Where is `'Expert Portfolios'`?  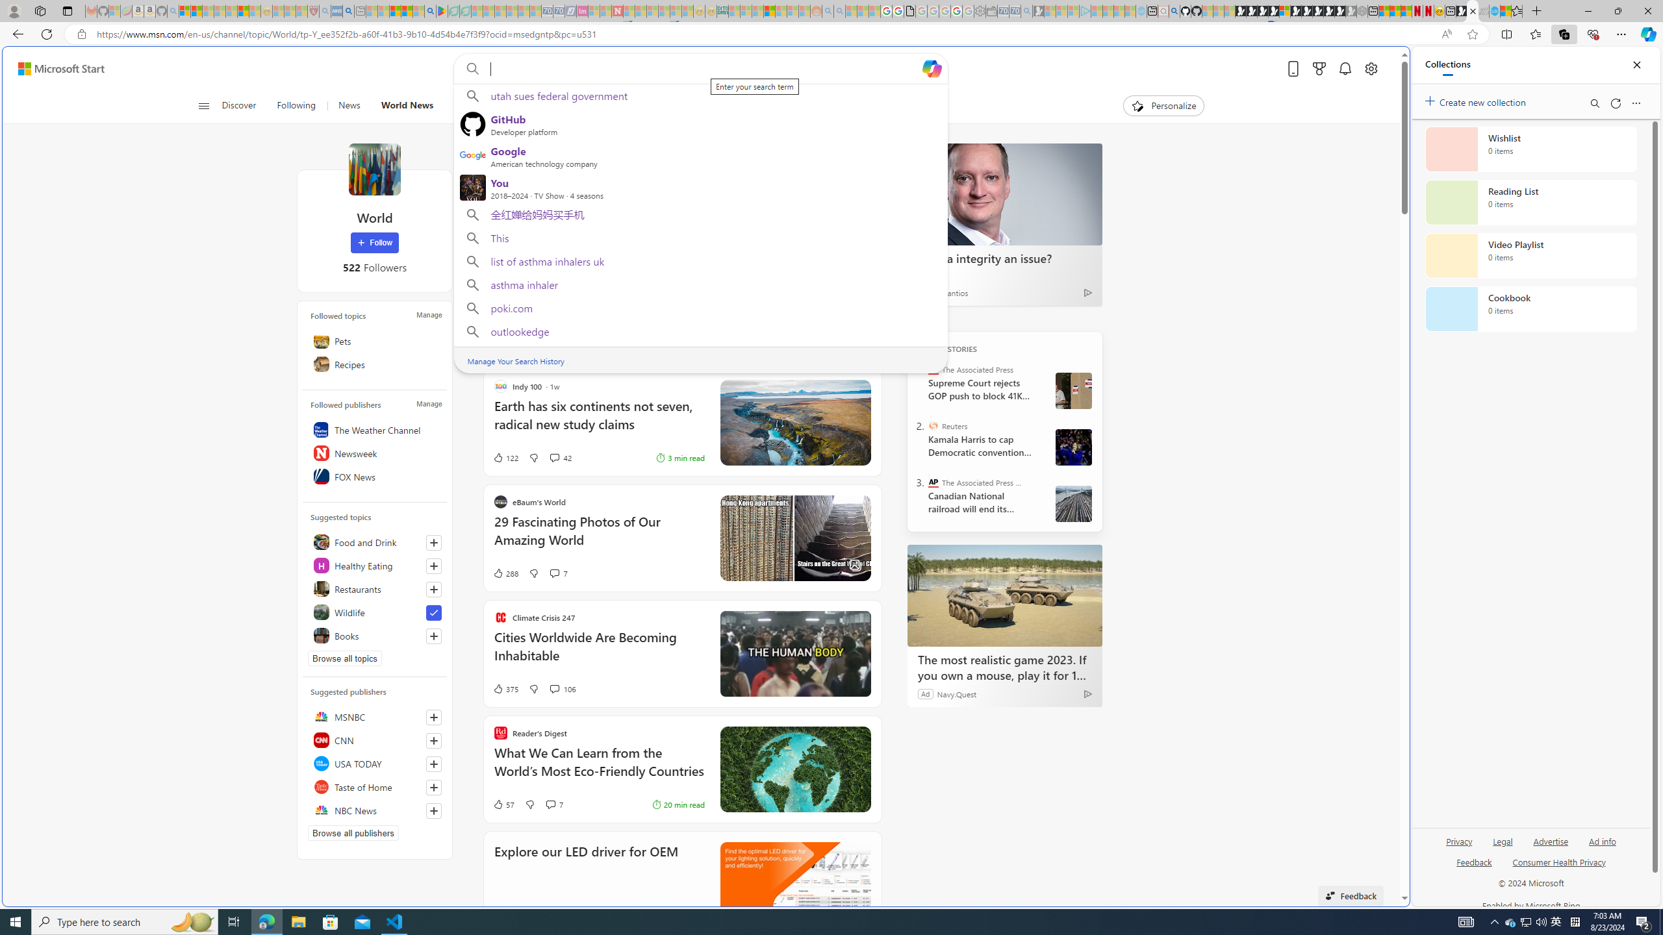
'Expert Portfolios' is located at coordinates (770, 10).